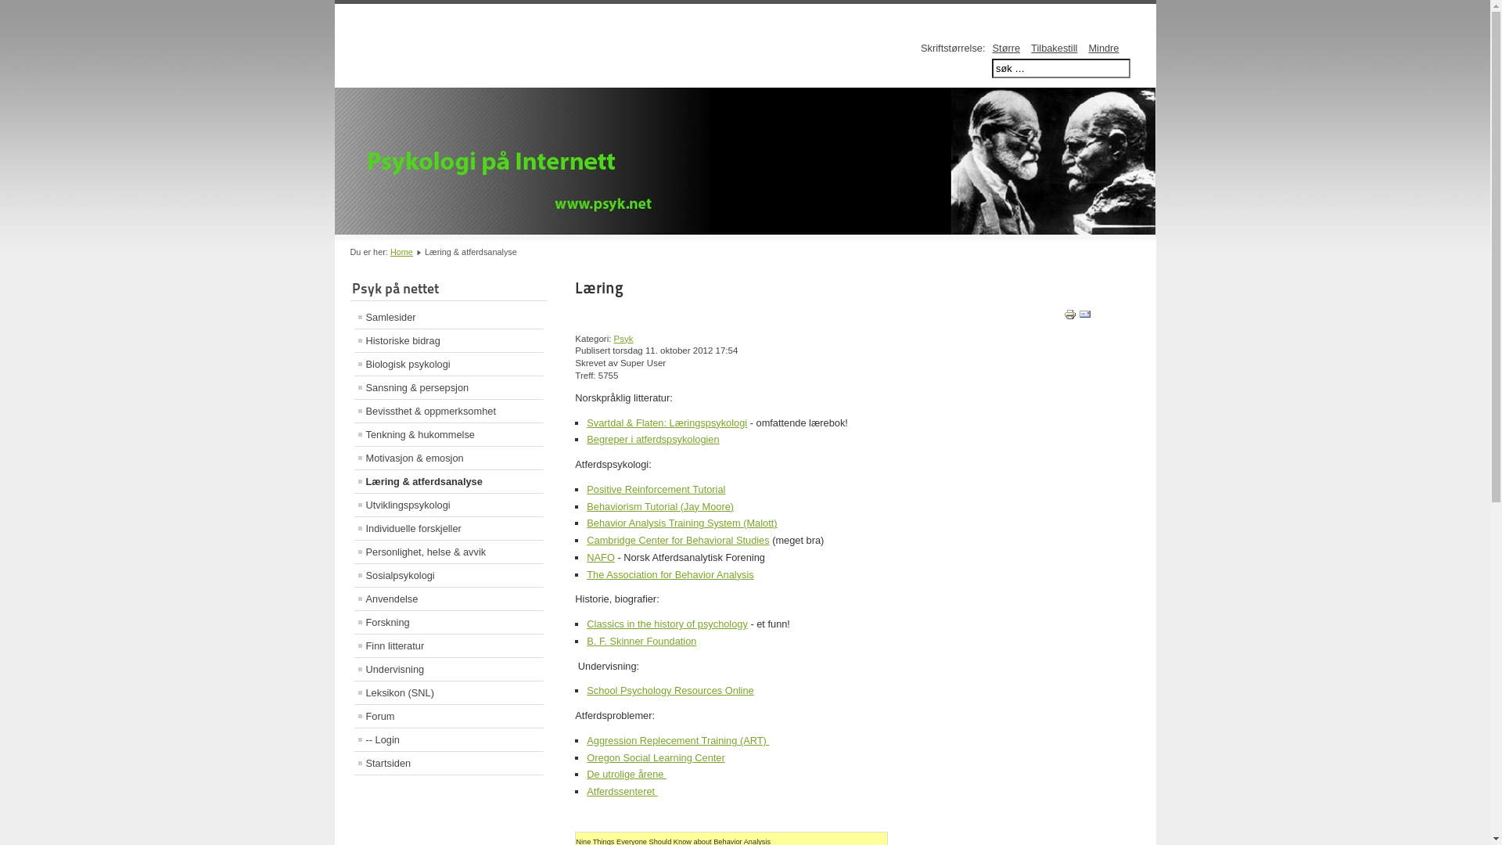  What do you see at coordinates (1084, 317) in the screenshot?
I see `'E-post'` at bounding box center [1084, 317].